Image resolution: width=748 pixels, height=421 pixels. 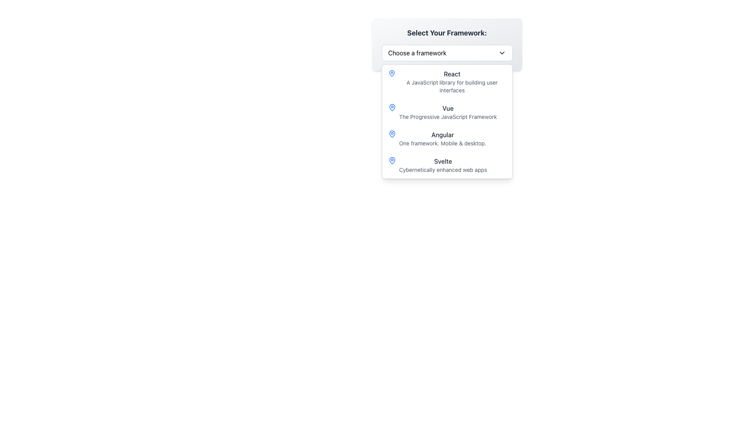 I want to click on the map pin style icon representing the framework options in the dropdown list, located to the left of the text, so click(x=392, y=73).